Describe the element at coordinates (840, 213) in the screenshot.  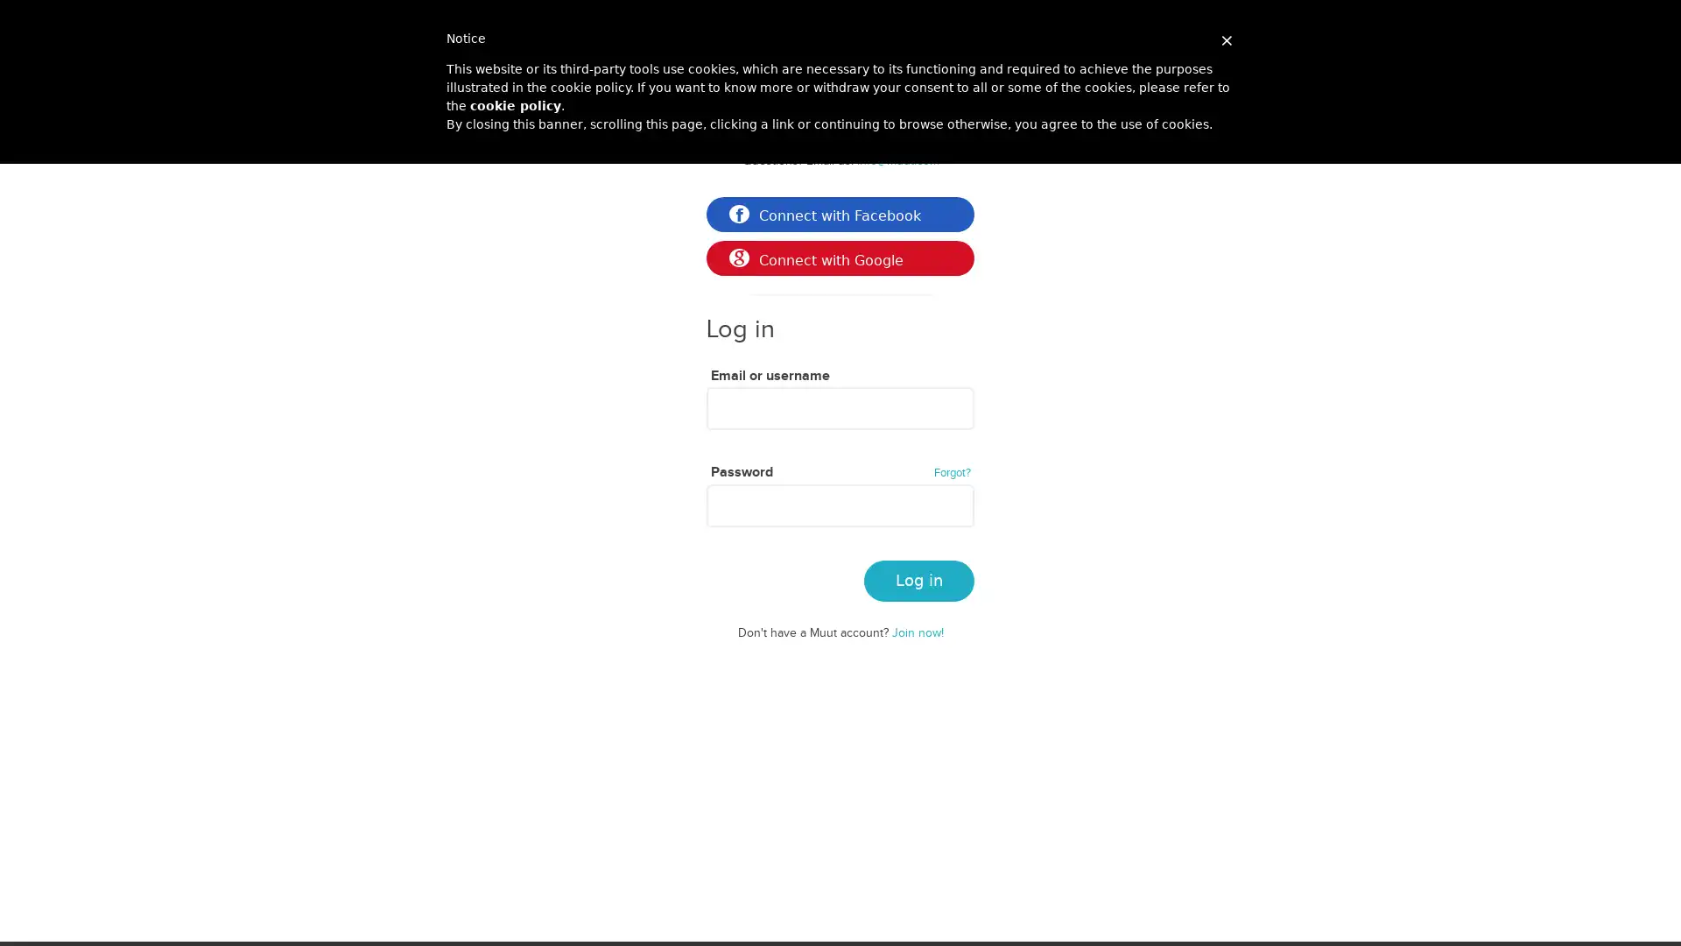
I see `F Connect with Facebook` at that location.